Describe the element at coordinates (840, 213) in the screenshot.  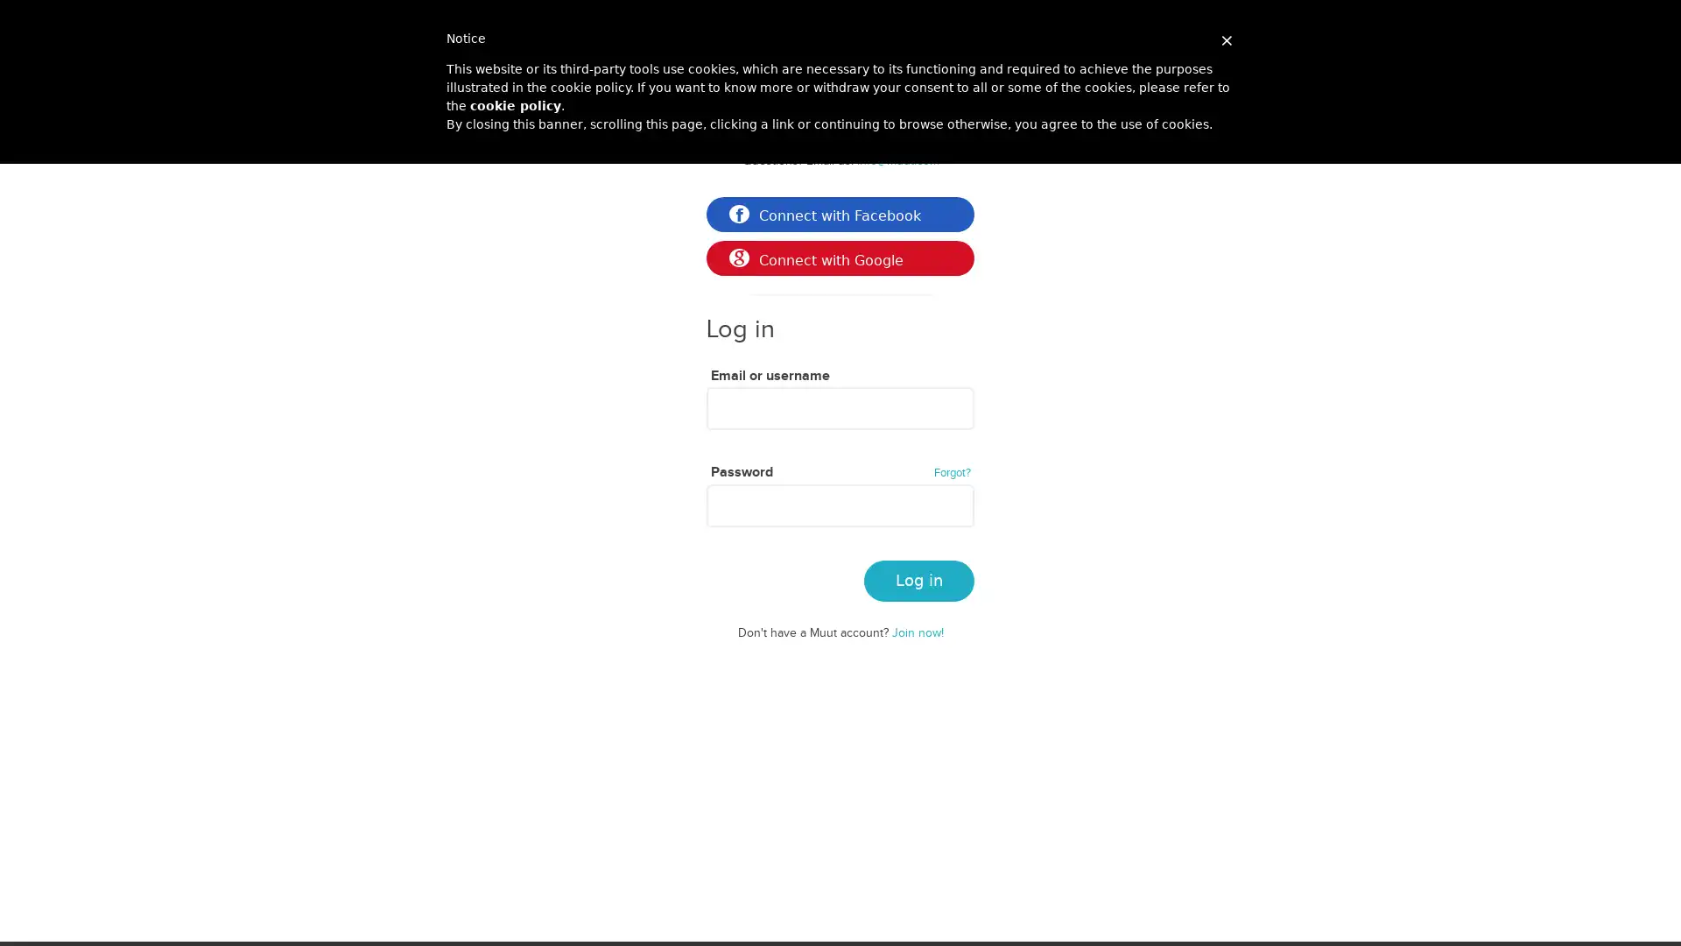
I see `F Connect with Facebook` at that location.